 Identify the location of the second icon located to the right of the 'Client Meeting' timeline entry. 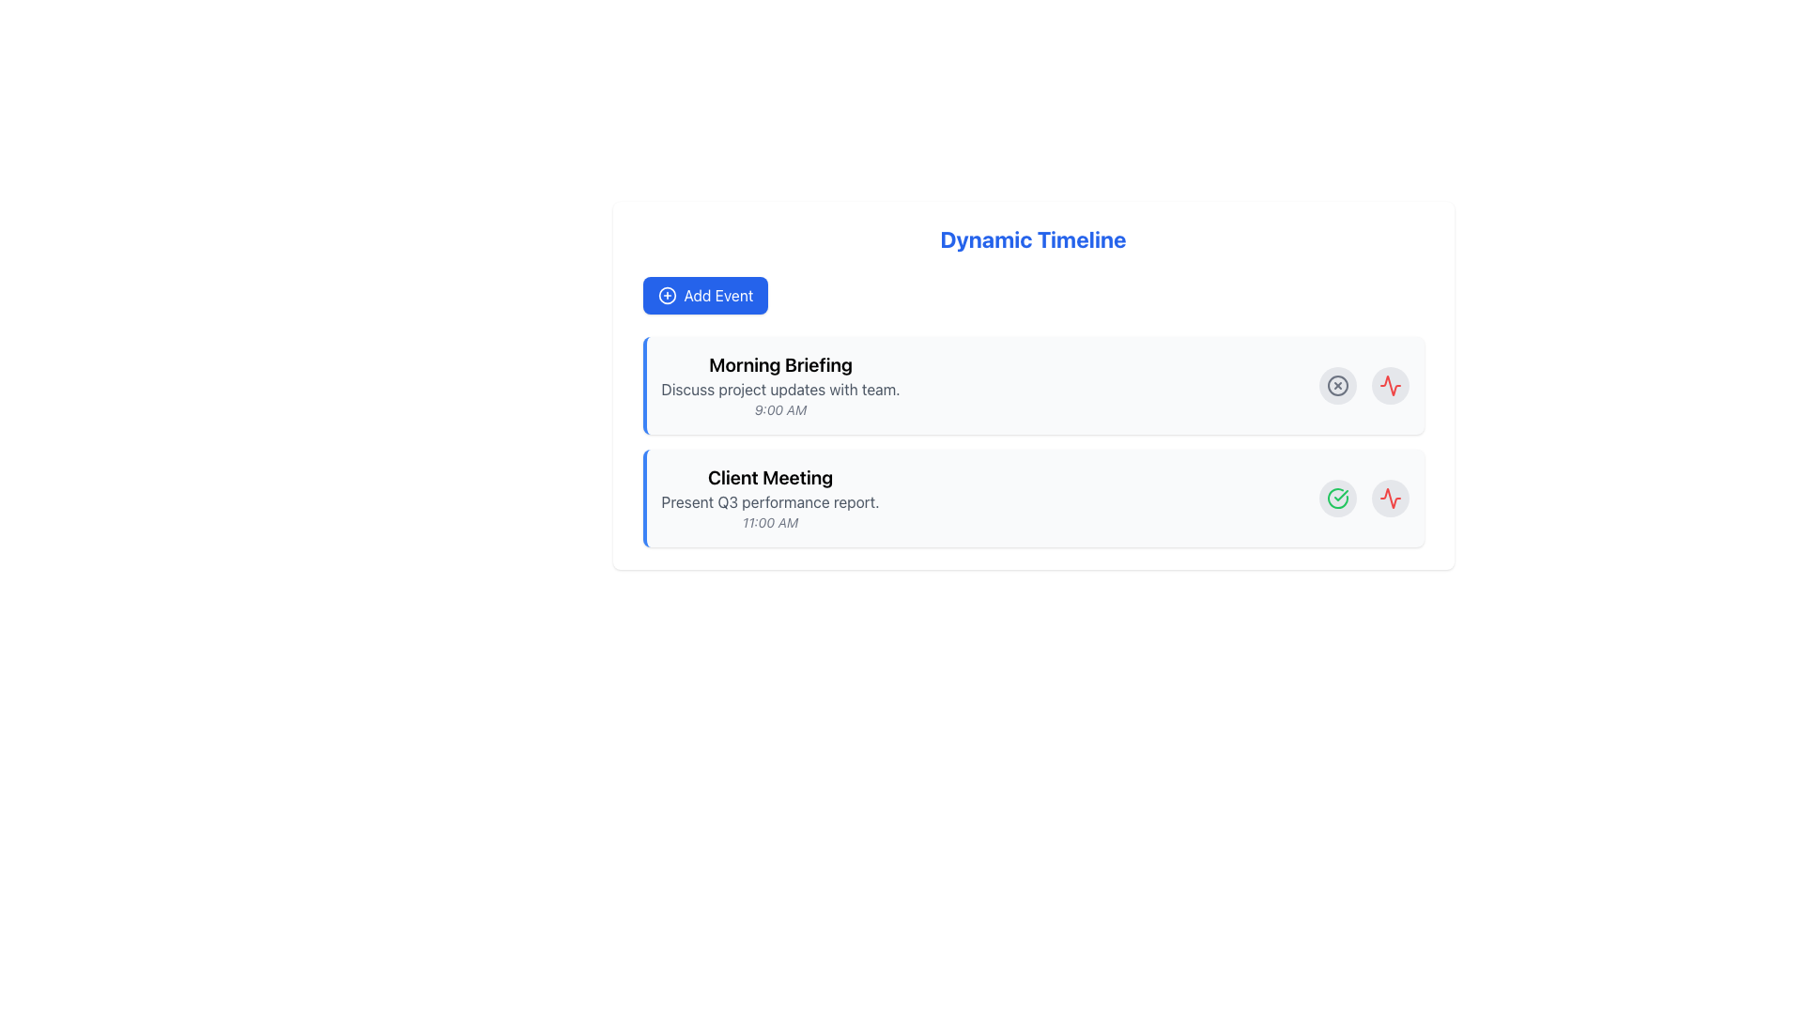
(1336, 498).